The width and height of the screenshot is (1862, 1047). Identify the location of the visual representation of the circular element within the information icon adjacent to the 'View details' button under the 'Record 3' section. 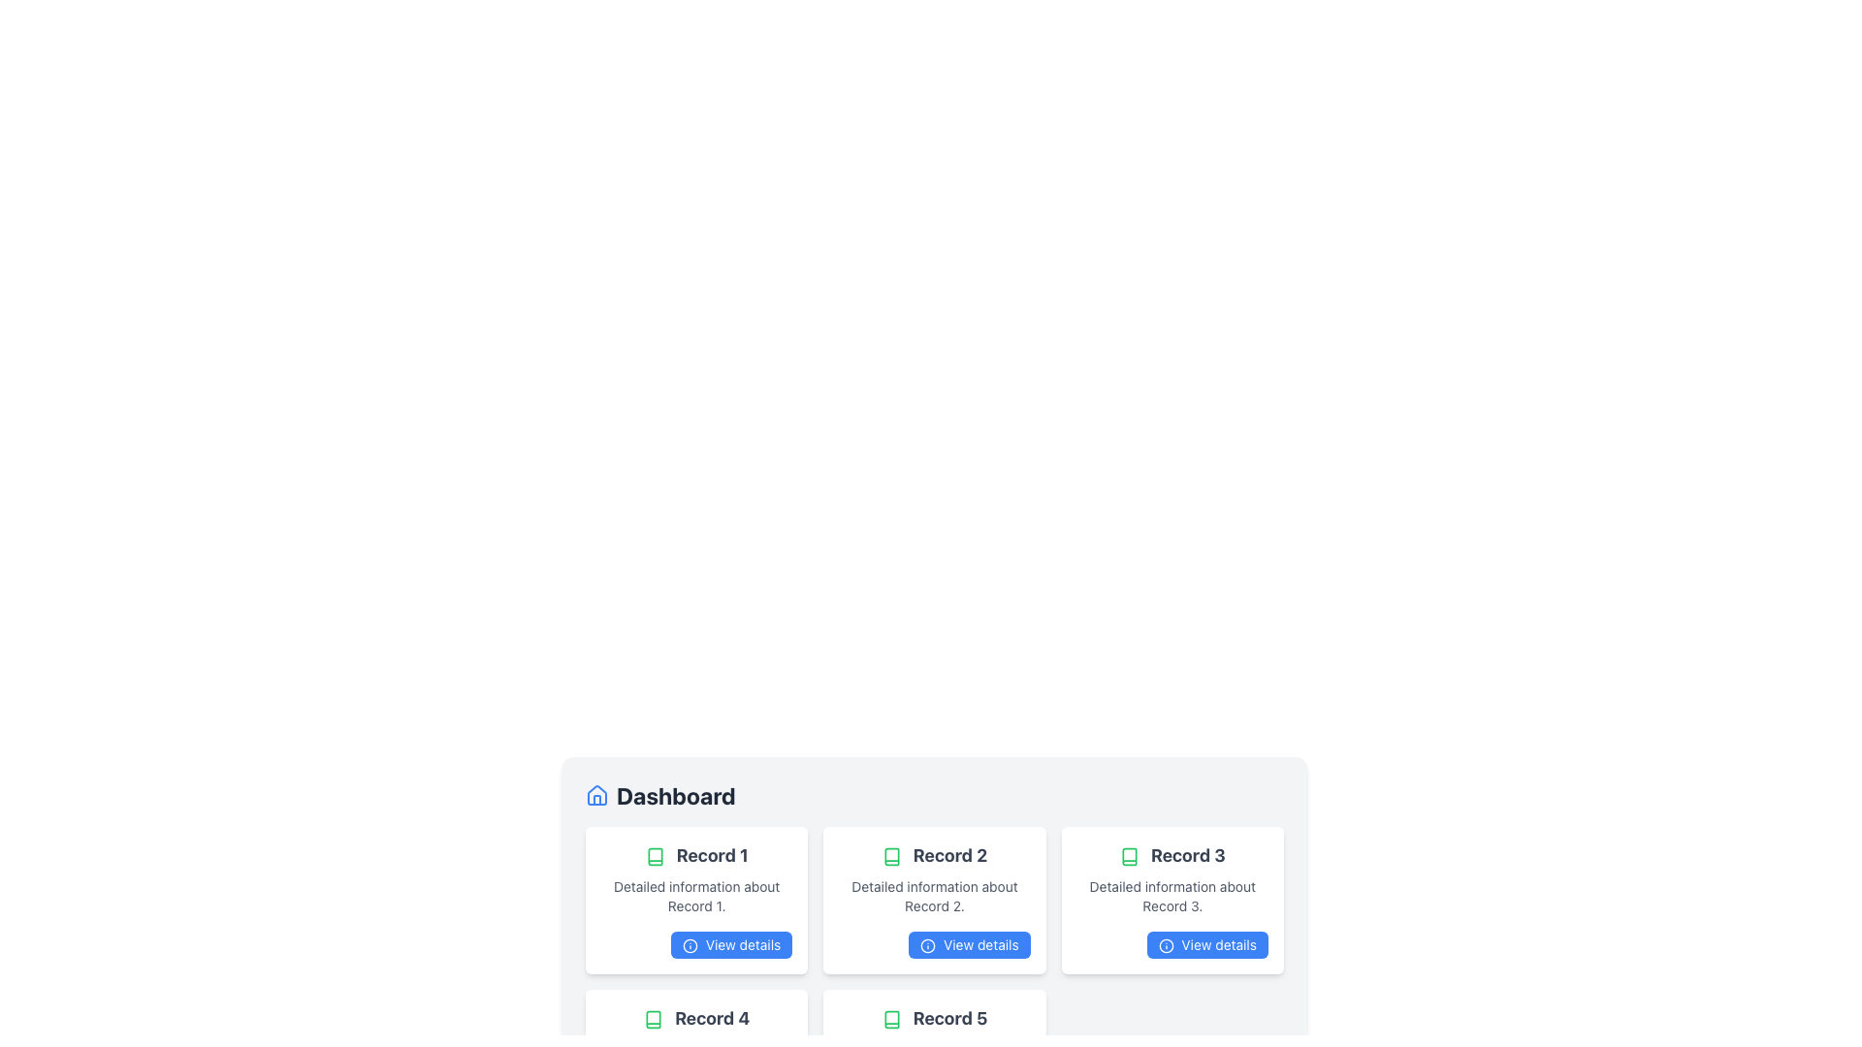
(927, 945).